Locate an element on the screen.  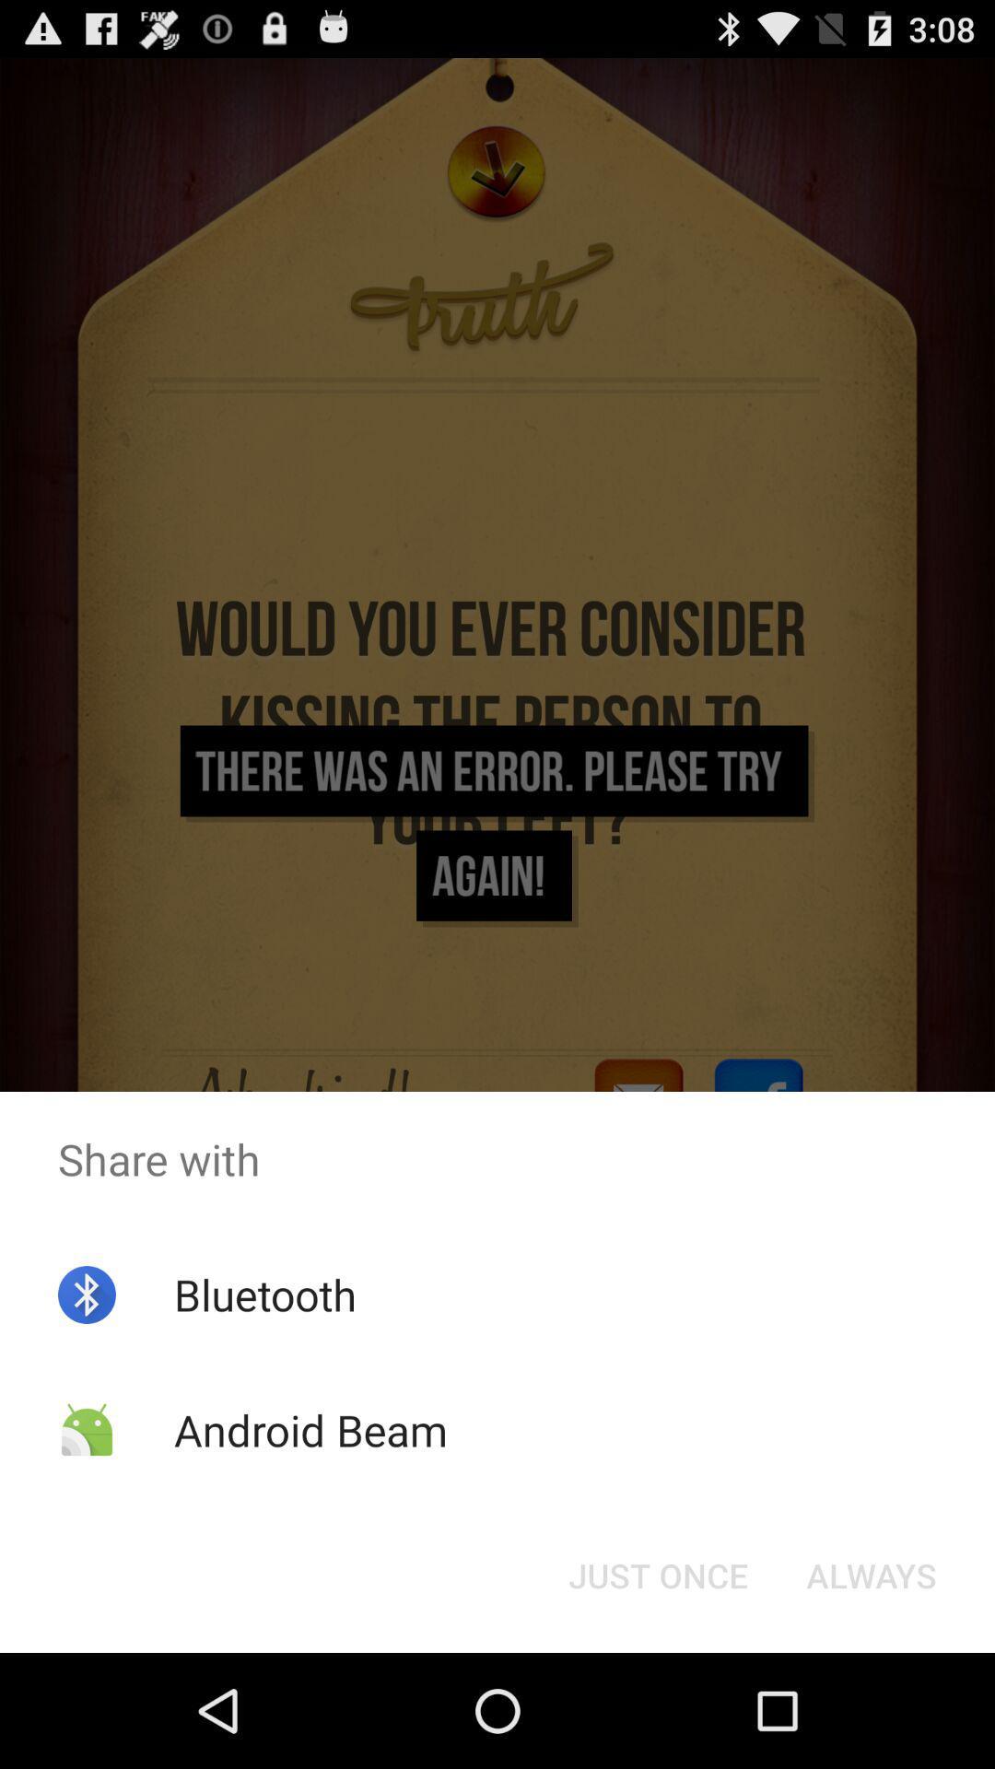
app below share with item is located at coordinates (871, 1574).